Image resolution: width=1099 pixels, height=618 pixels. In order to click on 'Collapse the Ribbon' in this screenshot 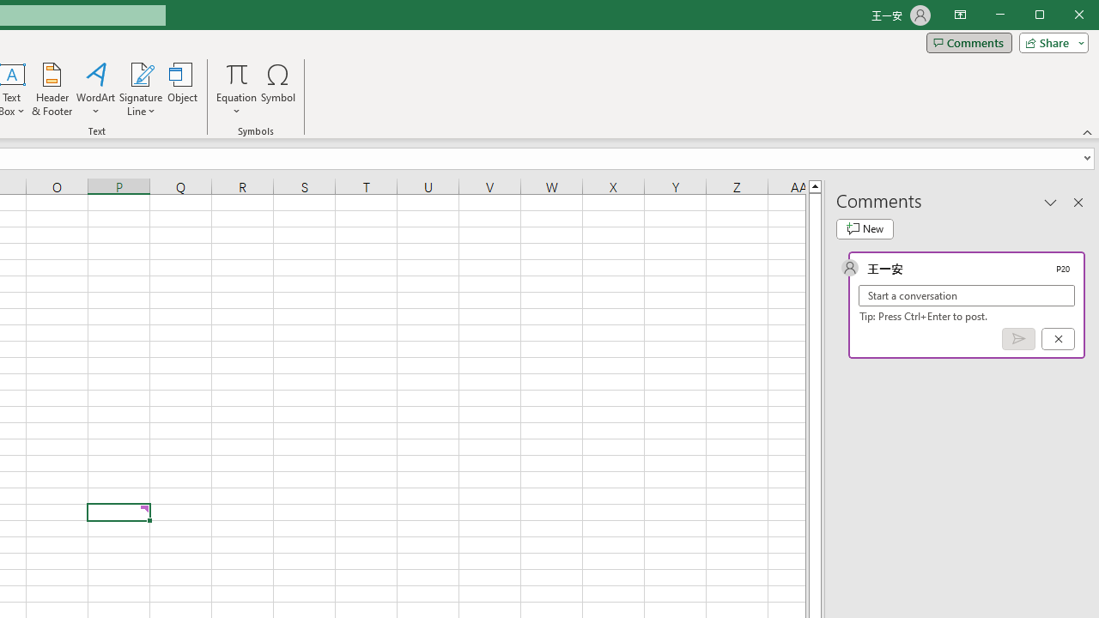, I will do `click(1087, 131)`.